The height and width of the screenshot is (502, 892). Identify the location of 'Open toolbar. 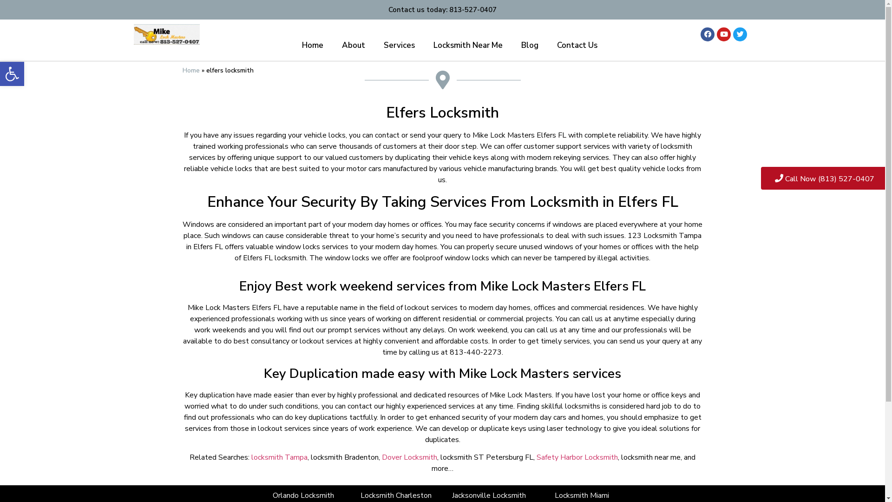
(12, 73).